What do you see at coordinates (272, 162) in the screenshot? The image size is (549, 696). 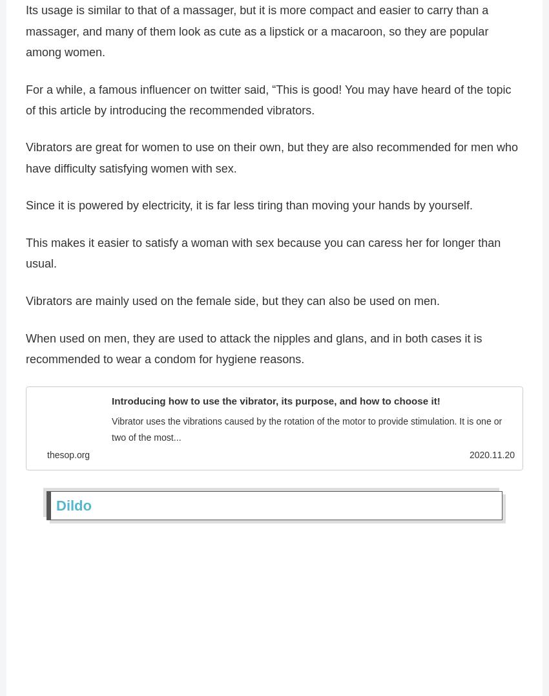 I see `'Vibrators are great for women to use on their own, but they are also recommended for men who have difficulty satisfying women with sex.'` at bounding box center [272, 162].